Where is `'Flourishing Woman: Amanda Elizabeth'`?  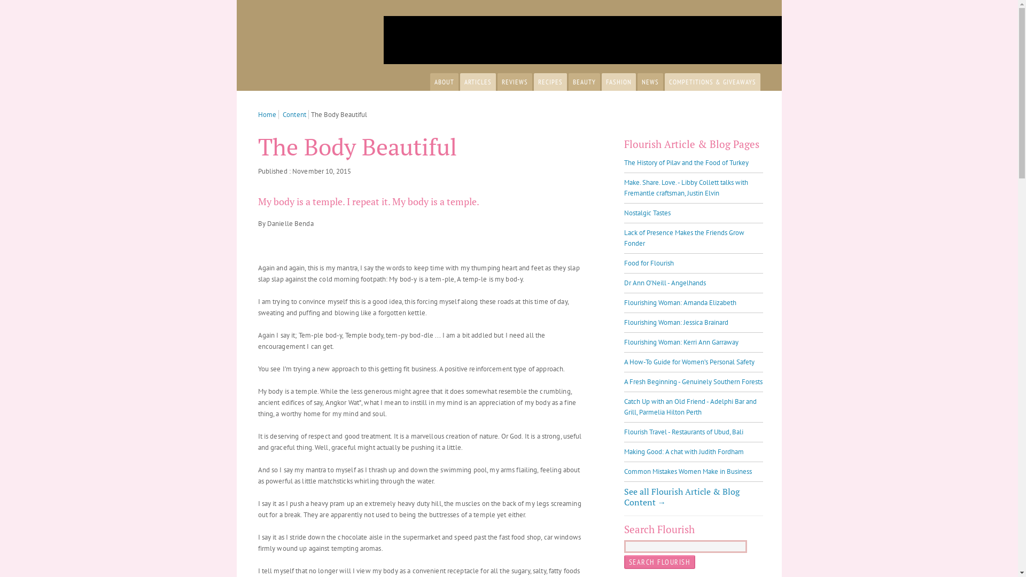
'Flourishing Woman: Amanda Elizabeth' is located at coordinates (679, 302).